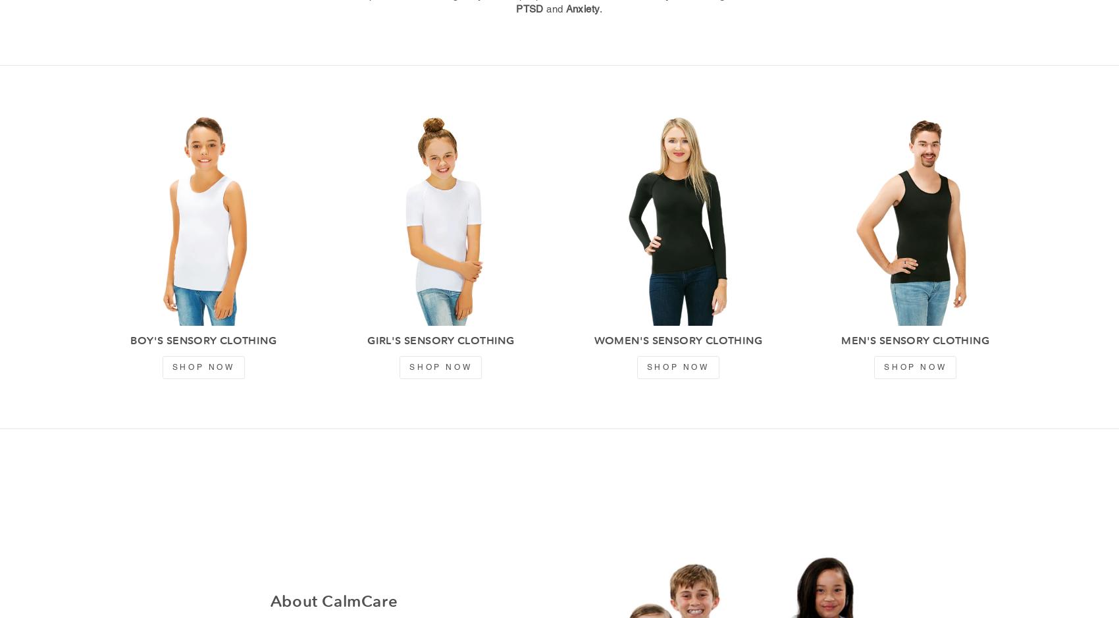 The width and height of the screenshot is (1119, 618). I want to click on 'BOY'S SENSORY CLOTHING', so click(203, 340).